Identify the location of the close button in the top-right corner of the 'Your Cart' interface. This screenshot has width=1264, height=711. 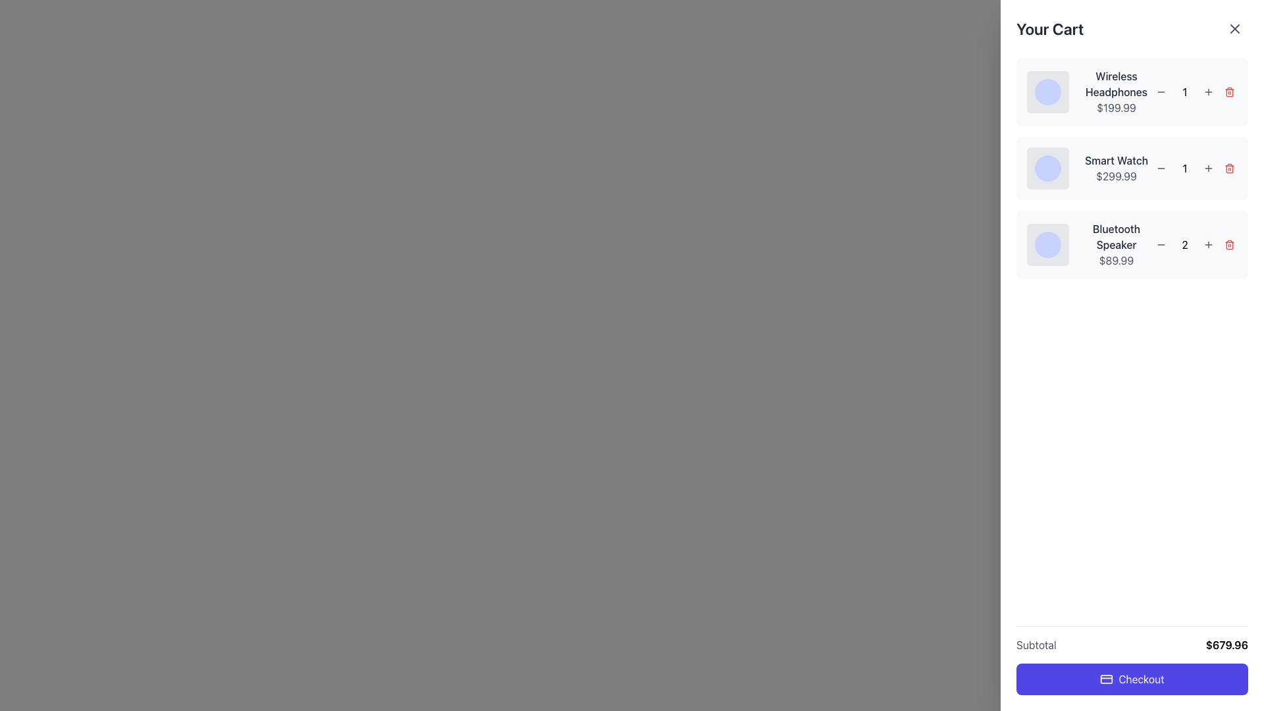
(1234, 28).